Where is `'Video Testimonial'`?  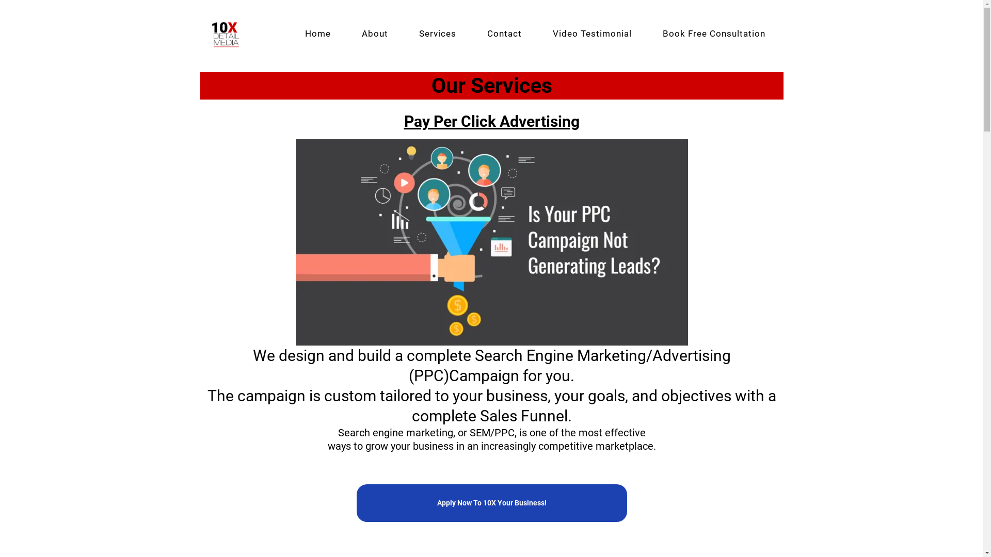
'Video Testimonial' is located at coordinates (537, 33).